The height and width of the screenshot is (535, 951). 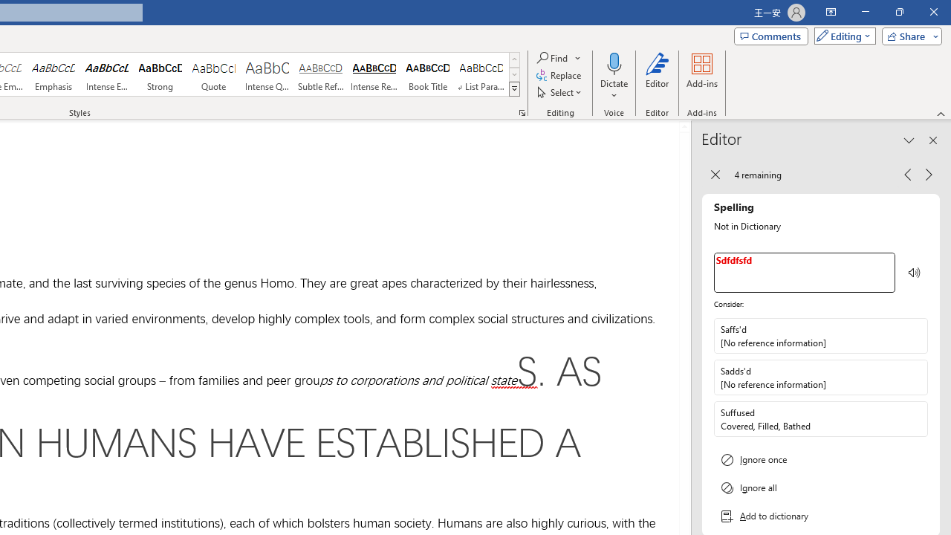 I want to click on 'Restore Down', so click(x=898, y=12).